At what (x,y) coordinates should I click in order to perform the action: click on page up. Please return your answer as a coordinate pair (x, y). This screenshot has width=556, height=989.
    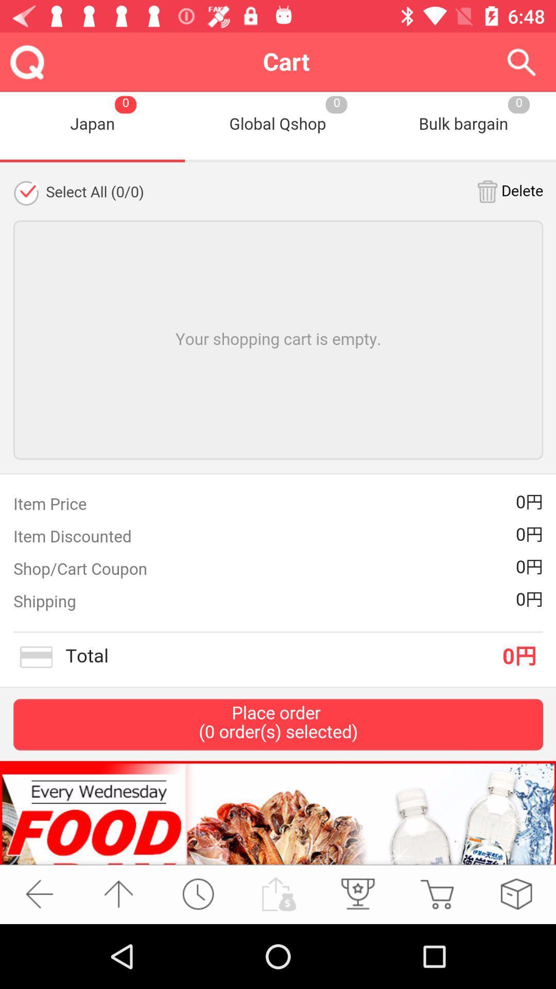
    Looking at the image, I should click on (118, 893).